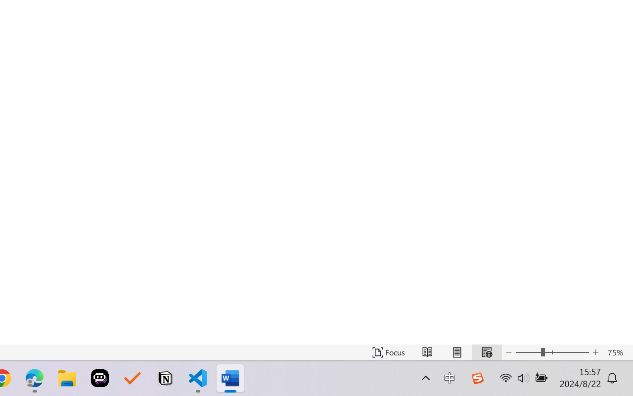  I want to click on 'Read Mode', so click(427, 352).